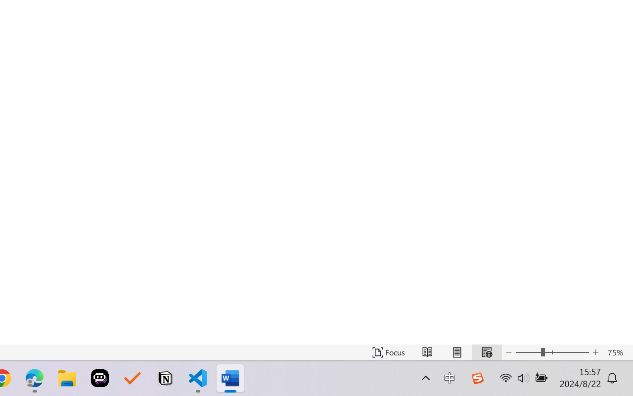  I want to click on 'Read Mode', so click(427, 352).